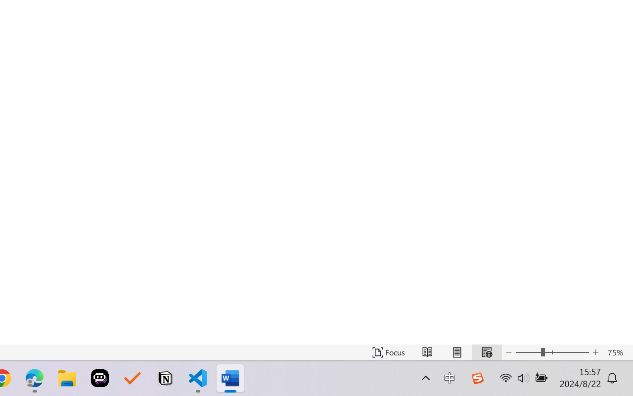  I want to click on 'Read Mode', so click(427, 352).